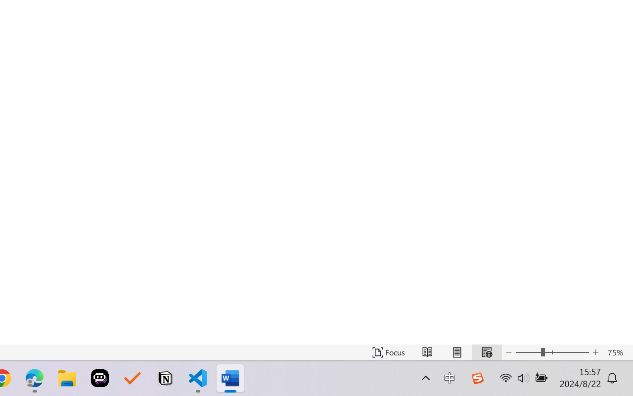  I want to click on 'Read Mode', so click(427, 352).